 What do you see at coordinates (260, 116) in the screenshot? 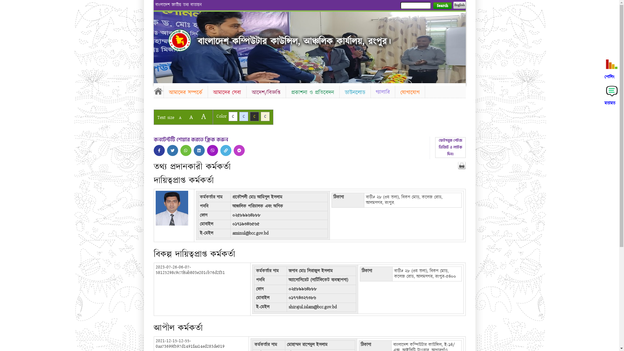
I see `'C'` at bounding box center [260, 116].